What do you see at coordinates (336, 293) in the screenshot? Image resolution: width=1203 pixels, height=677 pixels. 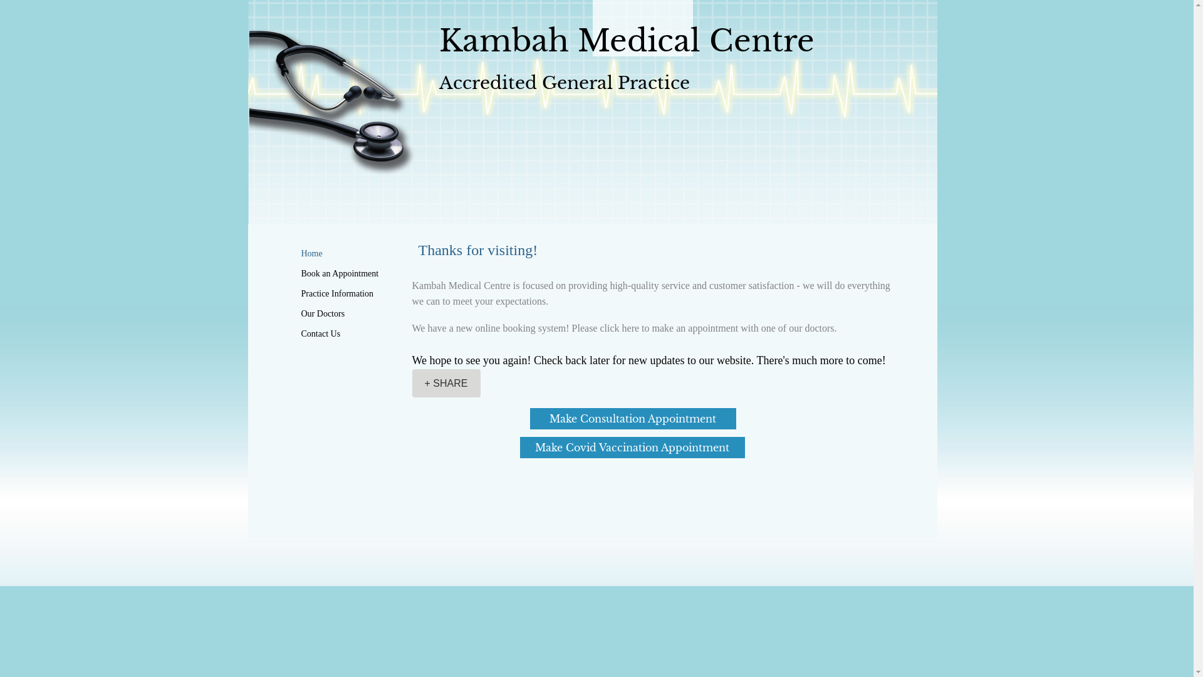 I see `'Practice Information'` at bounding box center [336, 293].